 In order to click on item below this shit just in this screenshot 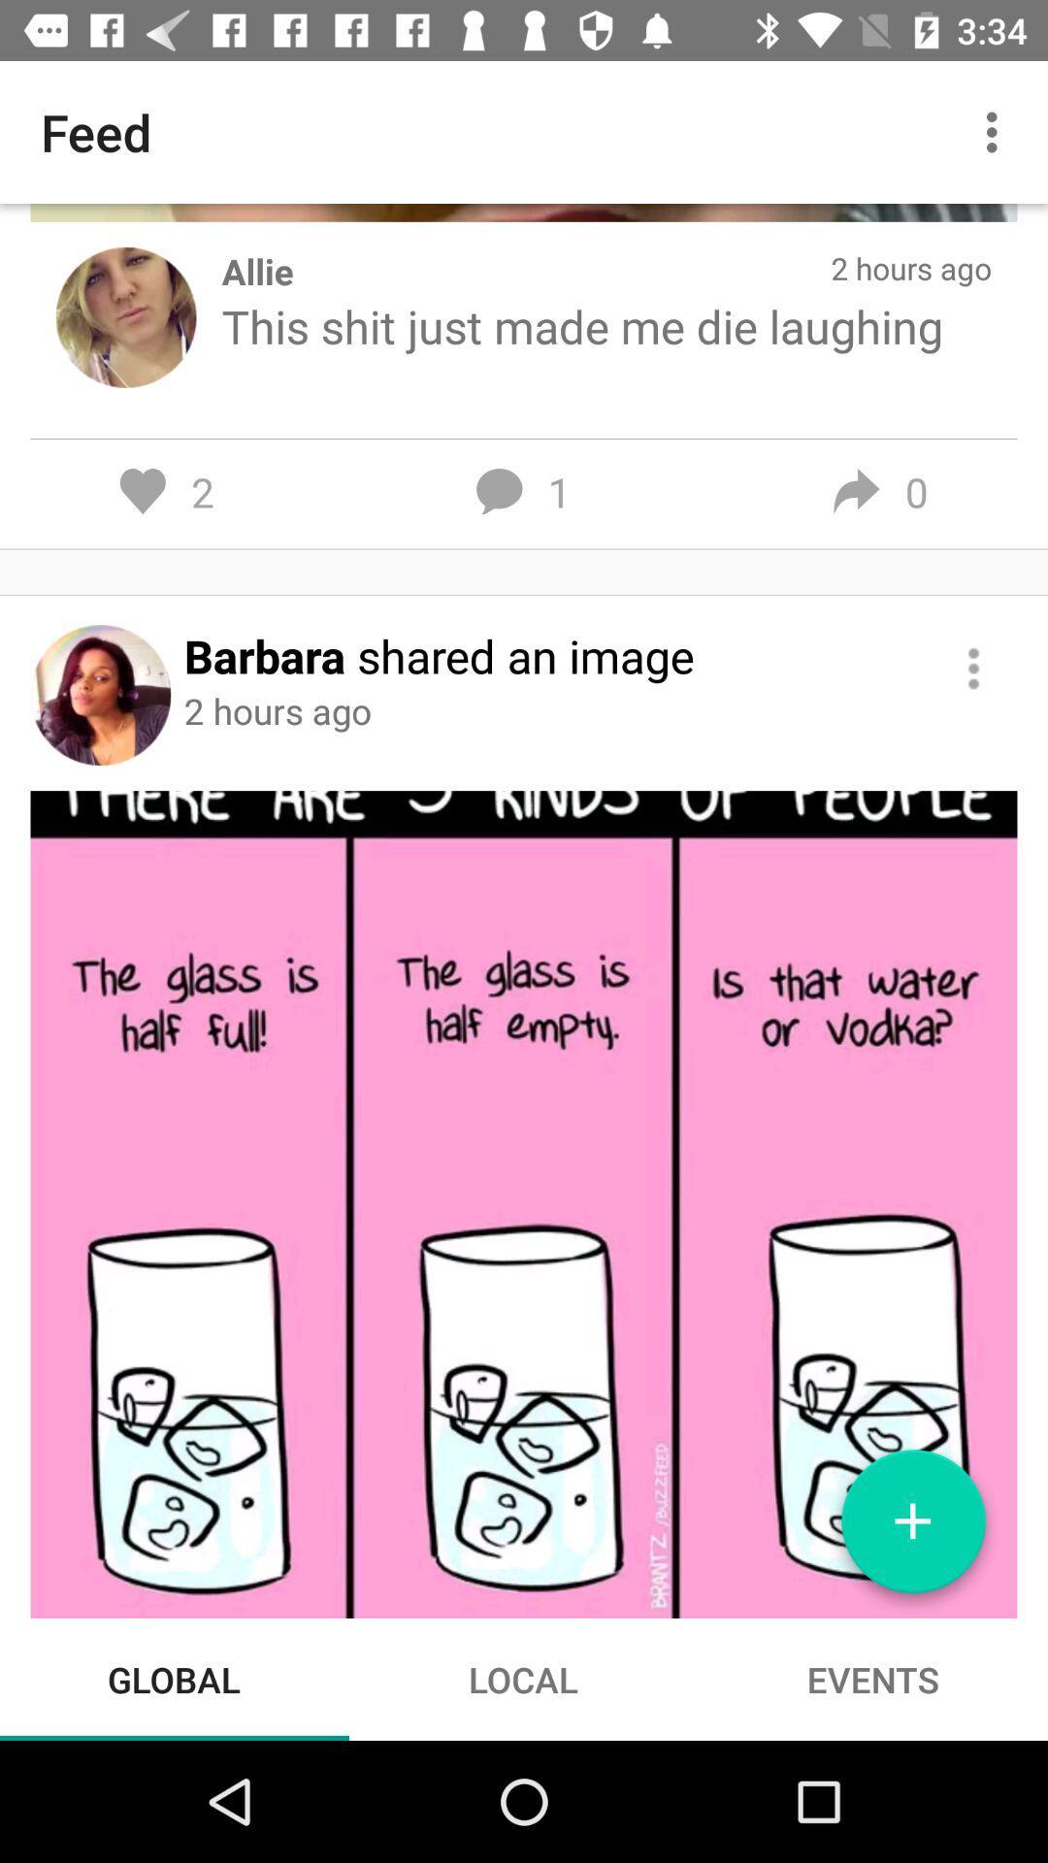, I will do `click(973, 669)`.